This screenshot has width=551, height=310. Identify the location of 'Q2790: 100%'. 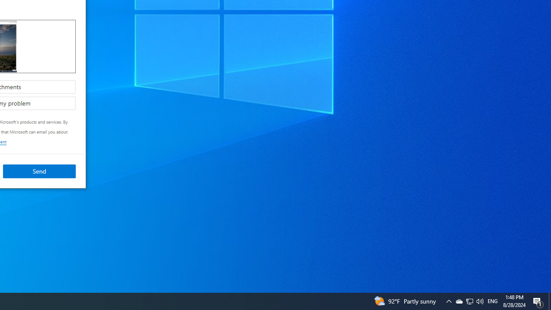
(469, 301).